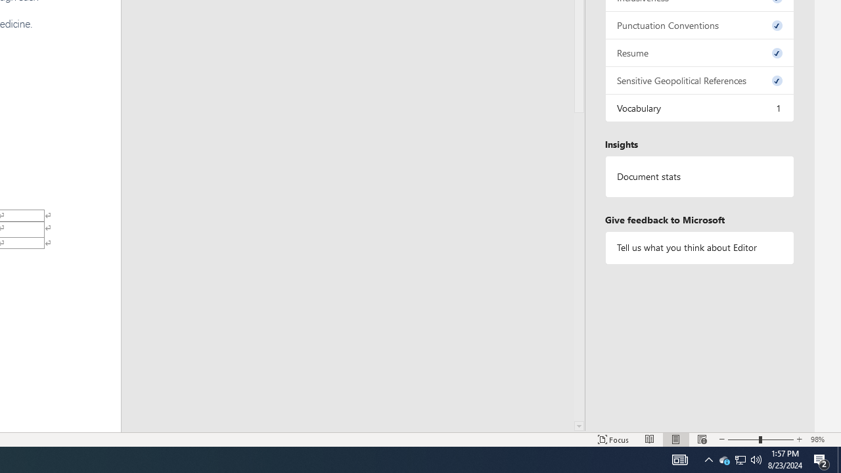 This screenshot has height=473, width=841. What do you see at coordinates (799, 439) in the screenshot?
I see `'Zoom In'` at bounding box center [799, 439].